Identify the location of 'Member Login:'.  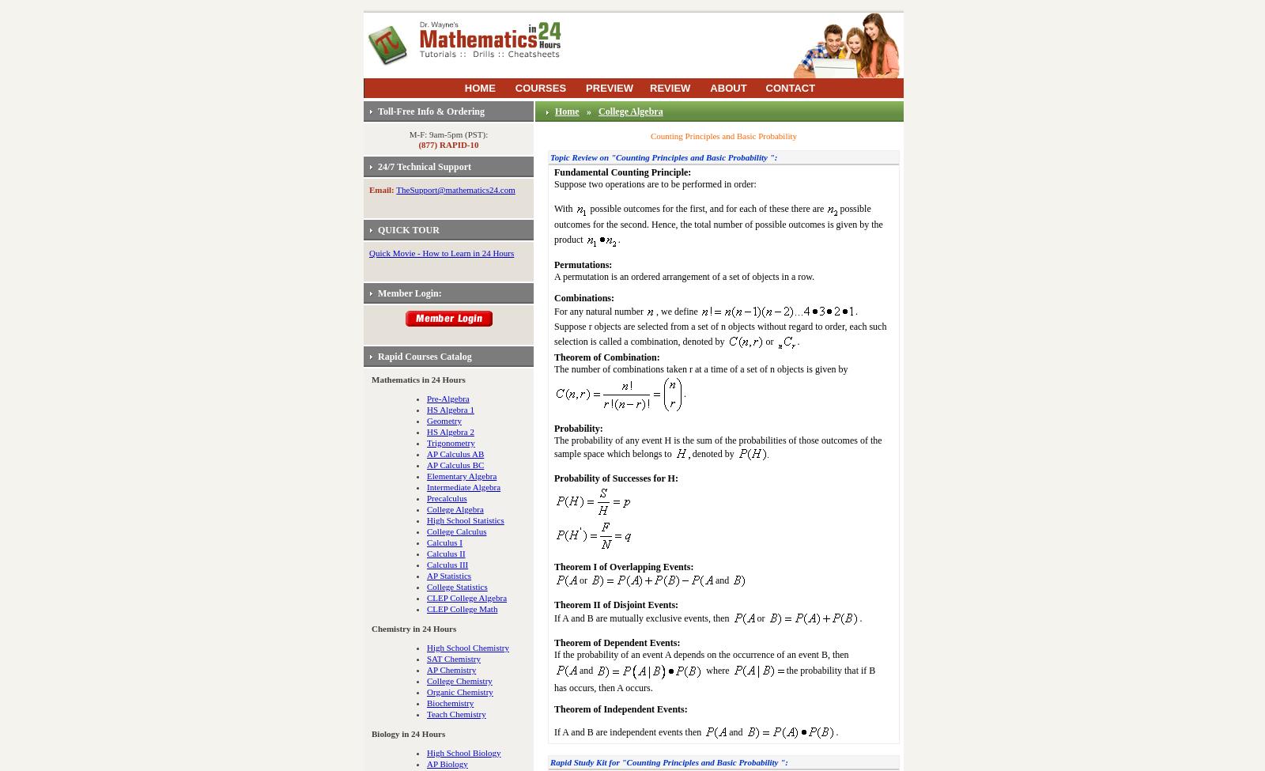
(408, 292).